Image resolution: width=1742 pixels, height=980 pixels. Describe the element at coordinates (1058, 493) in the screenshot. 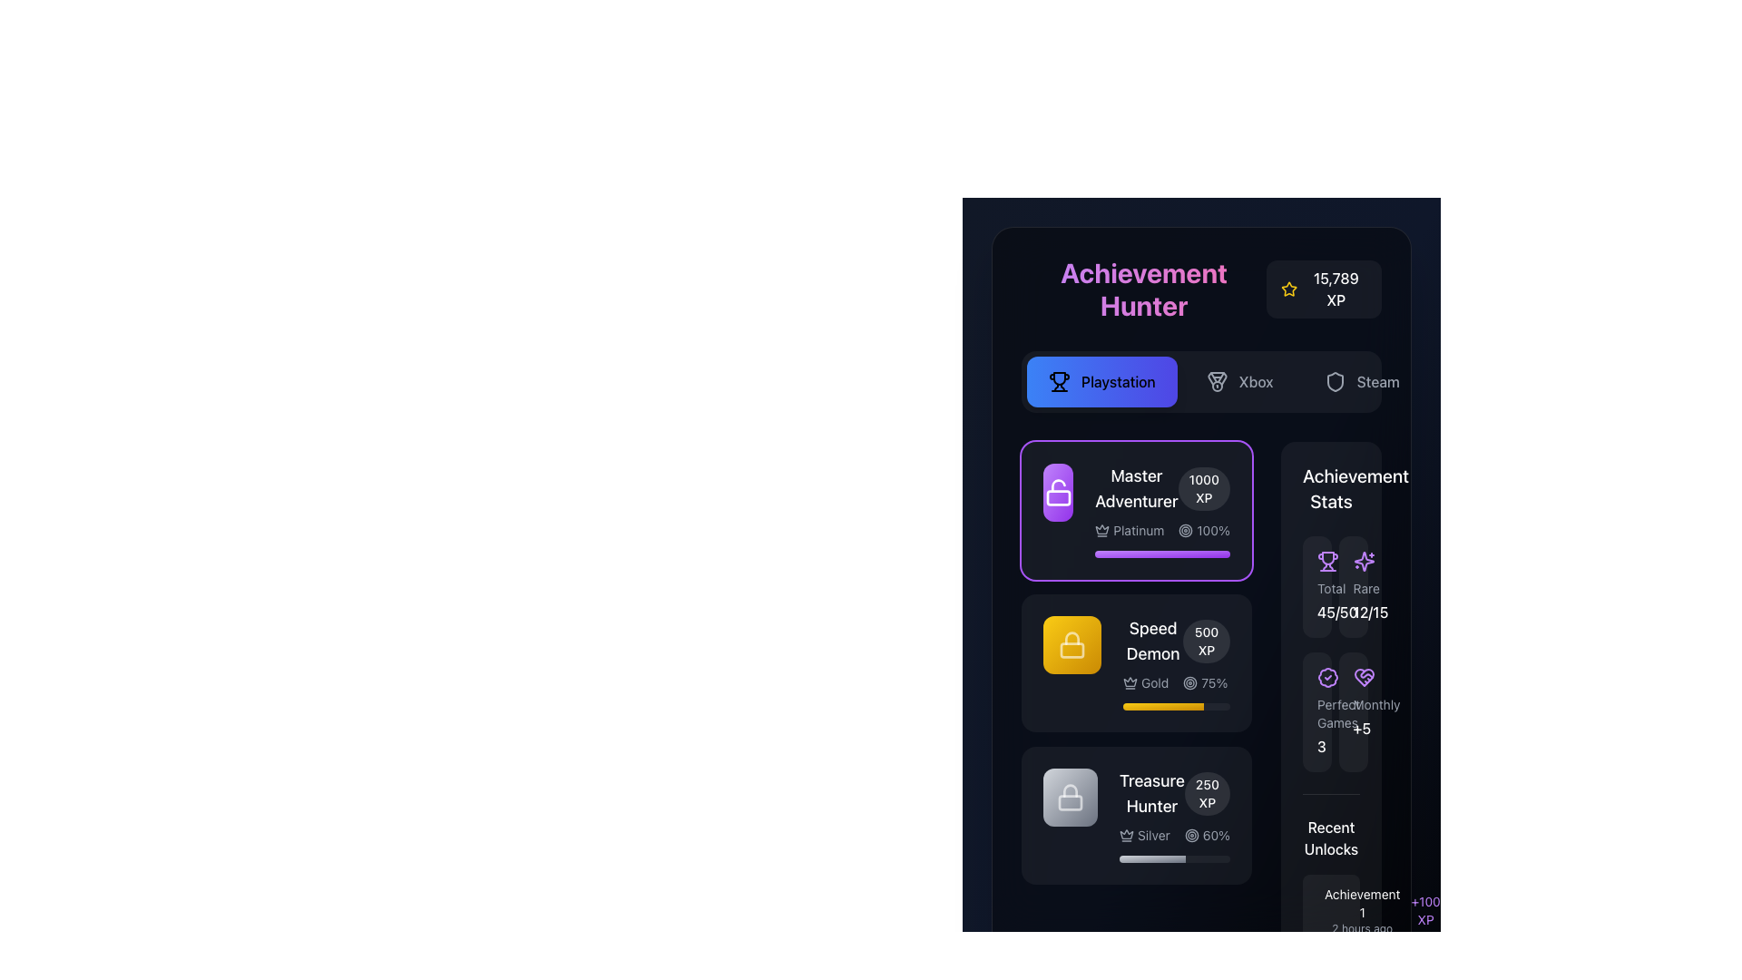

I see `the Icon indicator in the 'Master Adventurer' section, positioned at the leftmost side above the text, to visually represent the status of the achievement` at that location.